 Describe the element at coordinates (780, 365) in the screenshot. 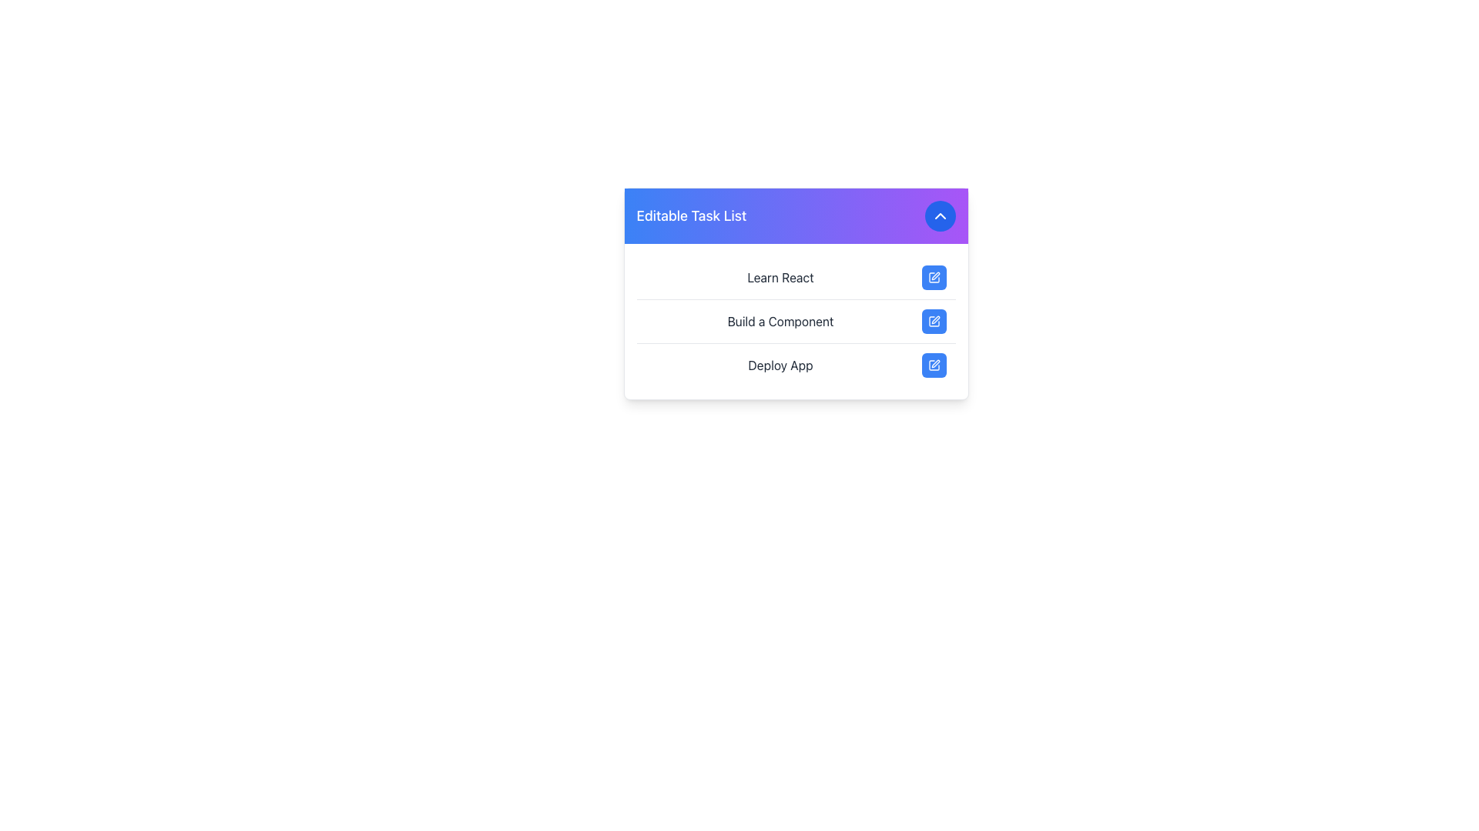

I see `the text label displaying 'Deploy App' which is the last item in a vertical list, styled with a gray font` at that location.